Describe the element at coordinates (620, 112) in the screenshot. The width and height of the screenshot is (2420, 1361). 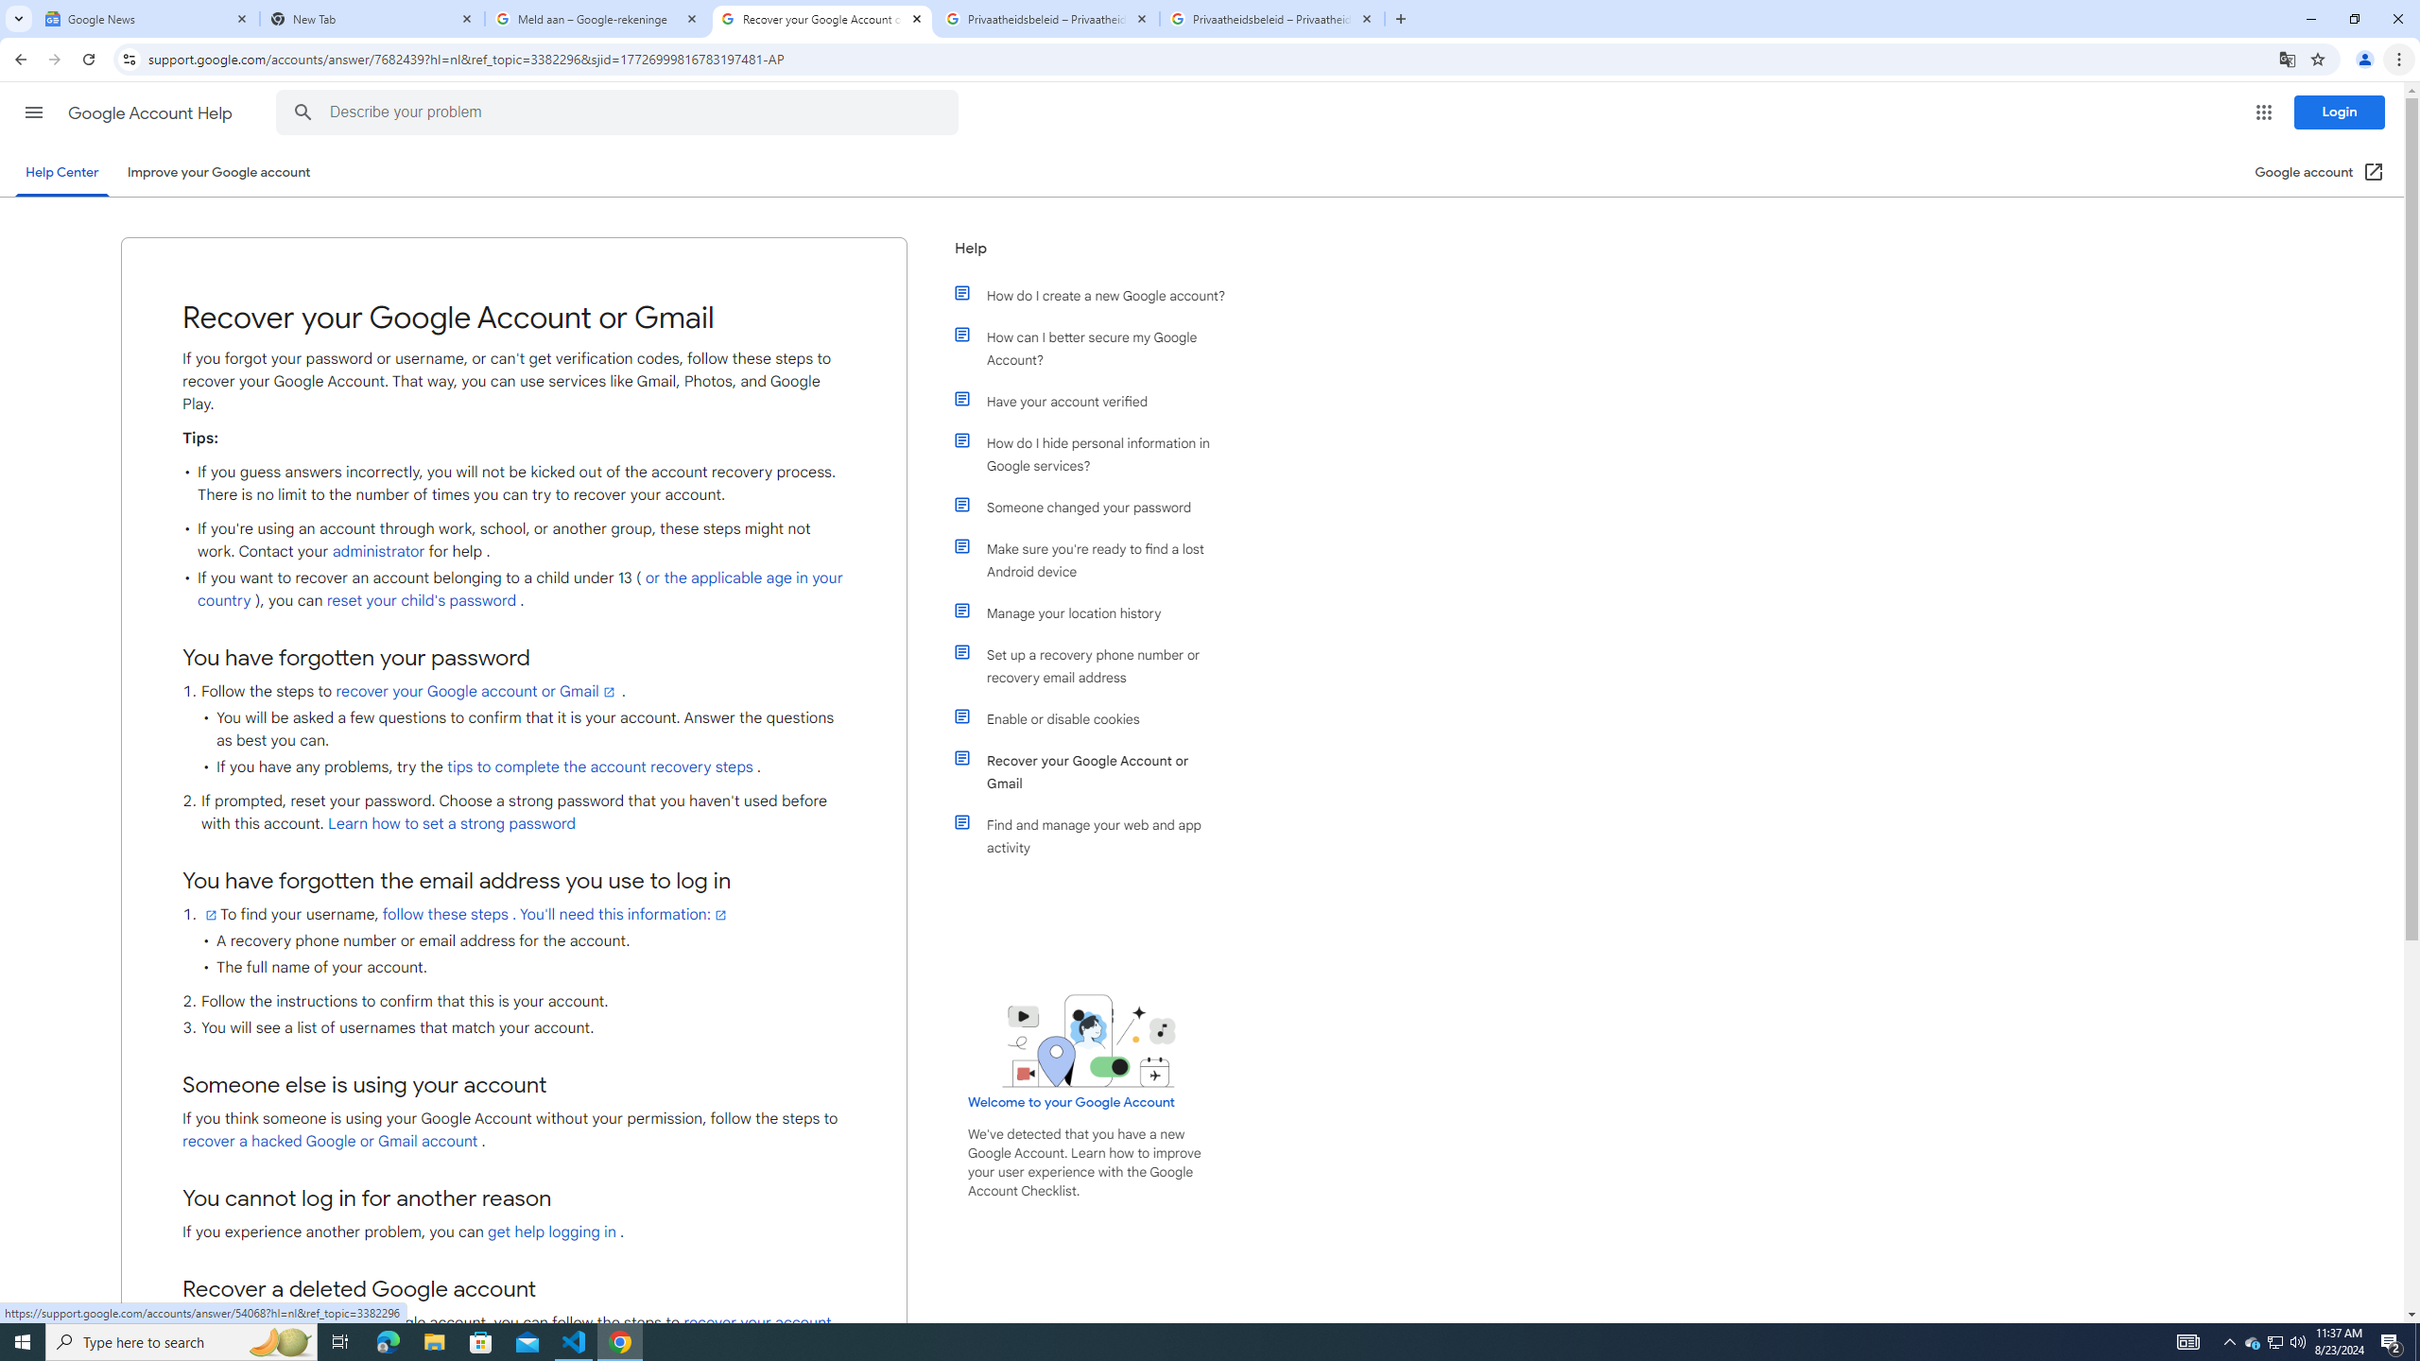
I see `'Describe your problem'` at that location.